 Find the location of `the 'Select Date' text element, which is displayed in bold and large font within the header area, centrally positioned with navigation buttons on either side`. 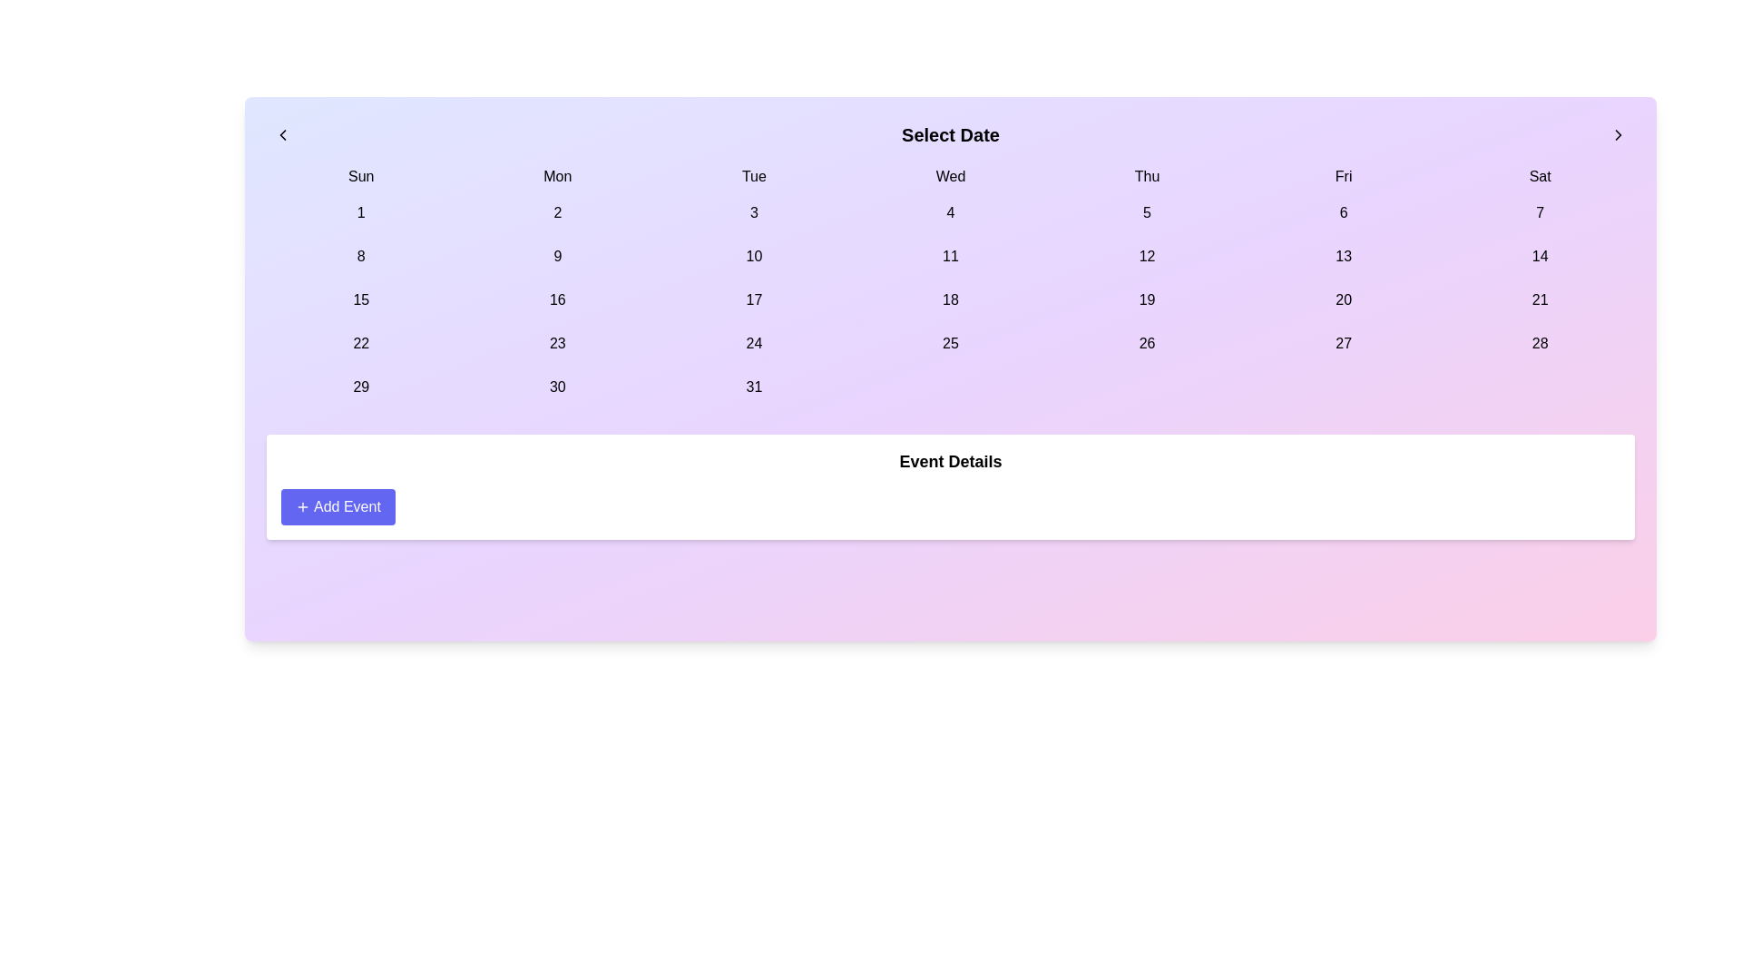

the 'Select Date' text element, which is displayed in bold and large font within the header area, centrally positioned with navigation buttons on either side is located at coordinates (949, 134).